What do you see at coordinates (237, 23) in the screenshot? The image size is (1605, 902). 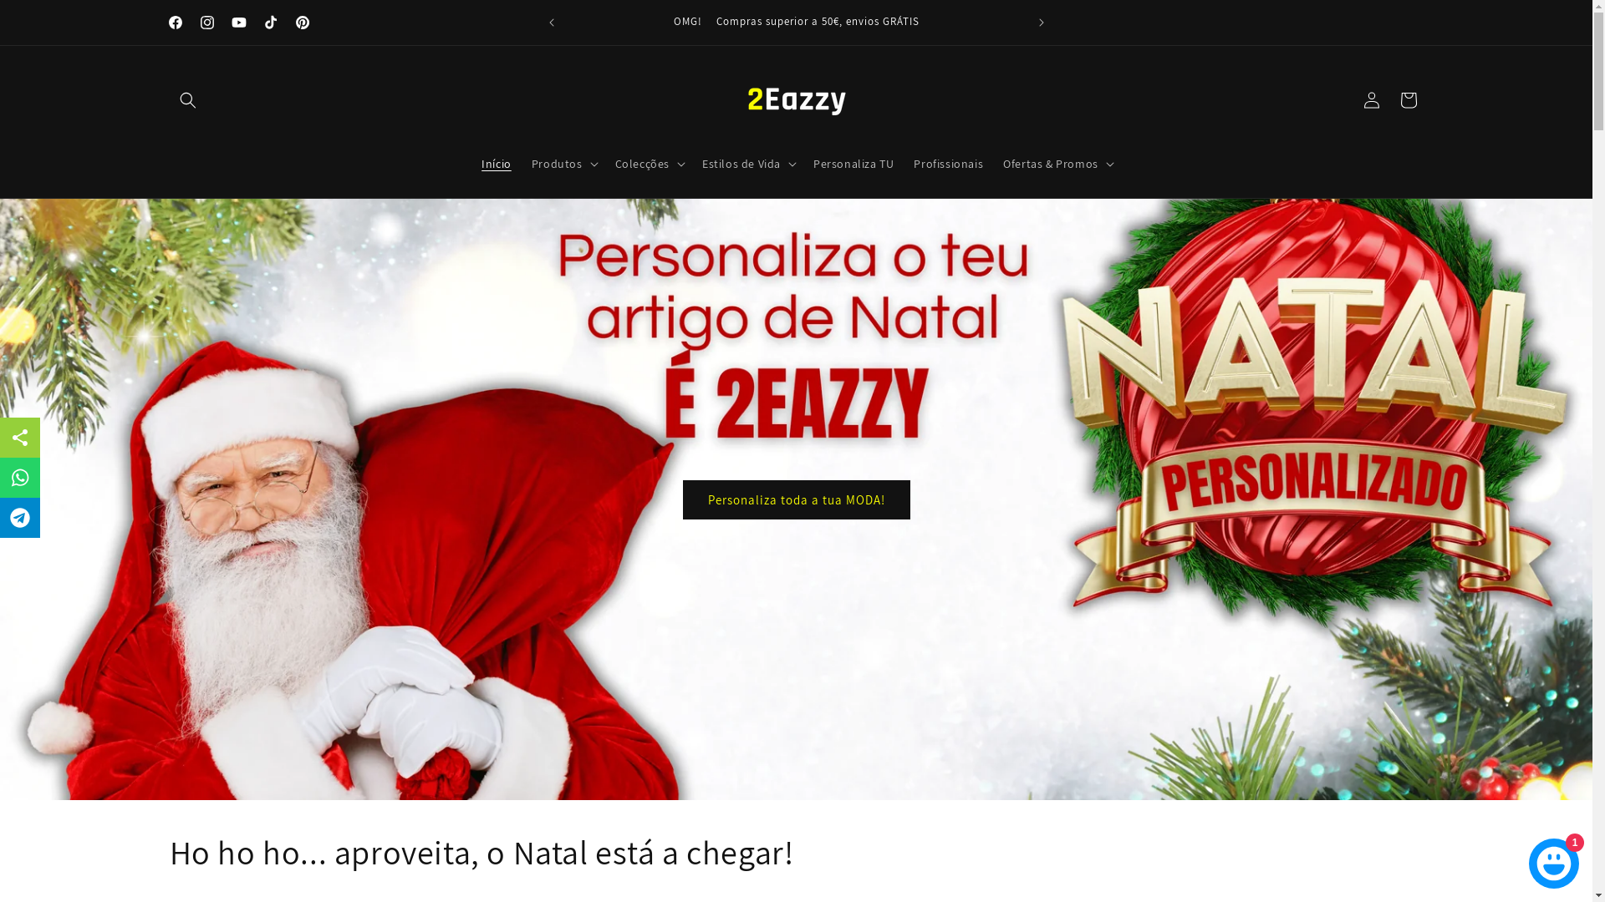 I see `'YouTube'` at bounding box center [237, 23].